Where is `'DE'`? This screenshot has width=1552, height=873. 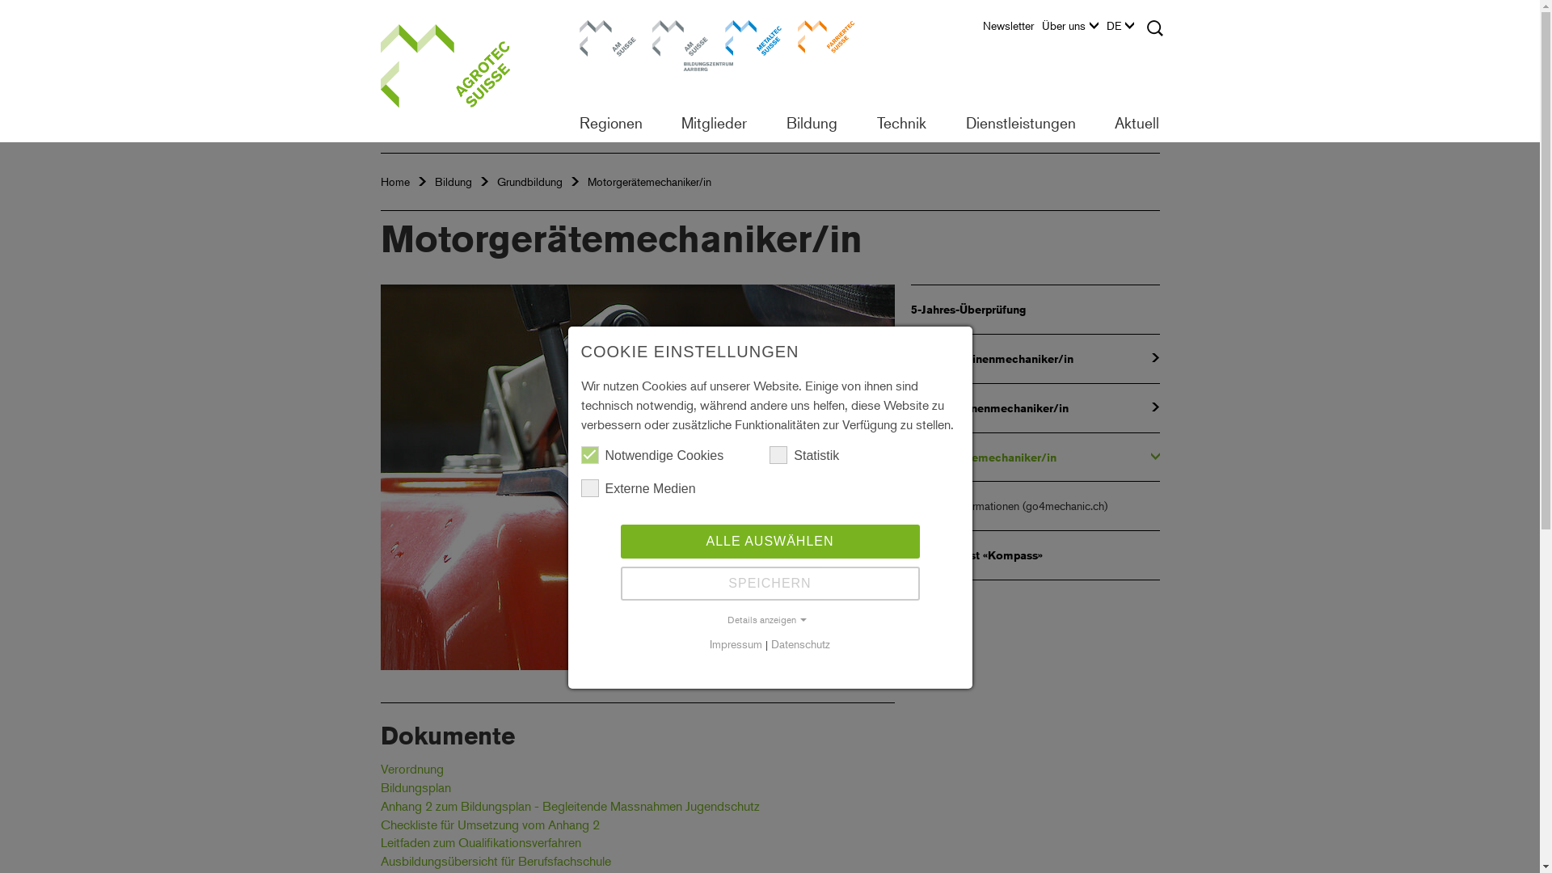 'DE' is located at coordinates (1123, 30).